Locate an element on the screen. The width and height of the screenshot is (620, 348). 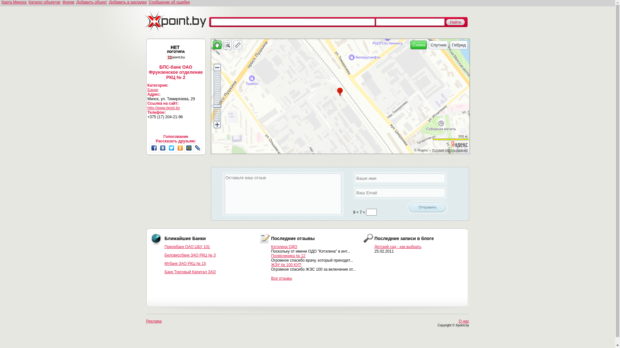
'Twitter' is located at coordinates (171, 148).